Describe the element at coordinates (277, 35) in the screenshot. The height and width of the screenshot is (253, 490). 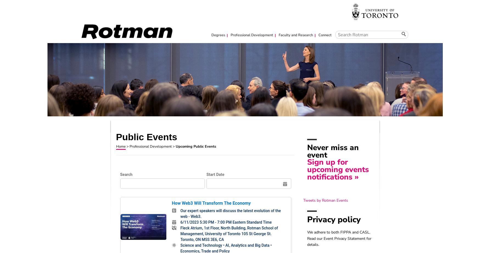
I see `'Faculty and Research'` at that location.